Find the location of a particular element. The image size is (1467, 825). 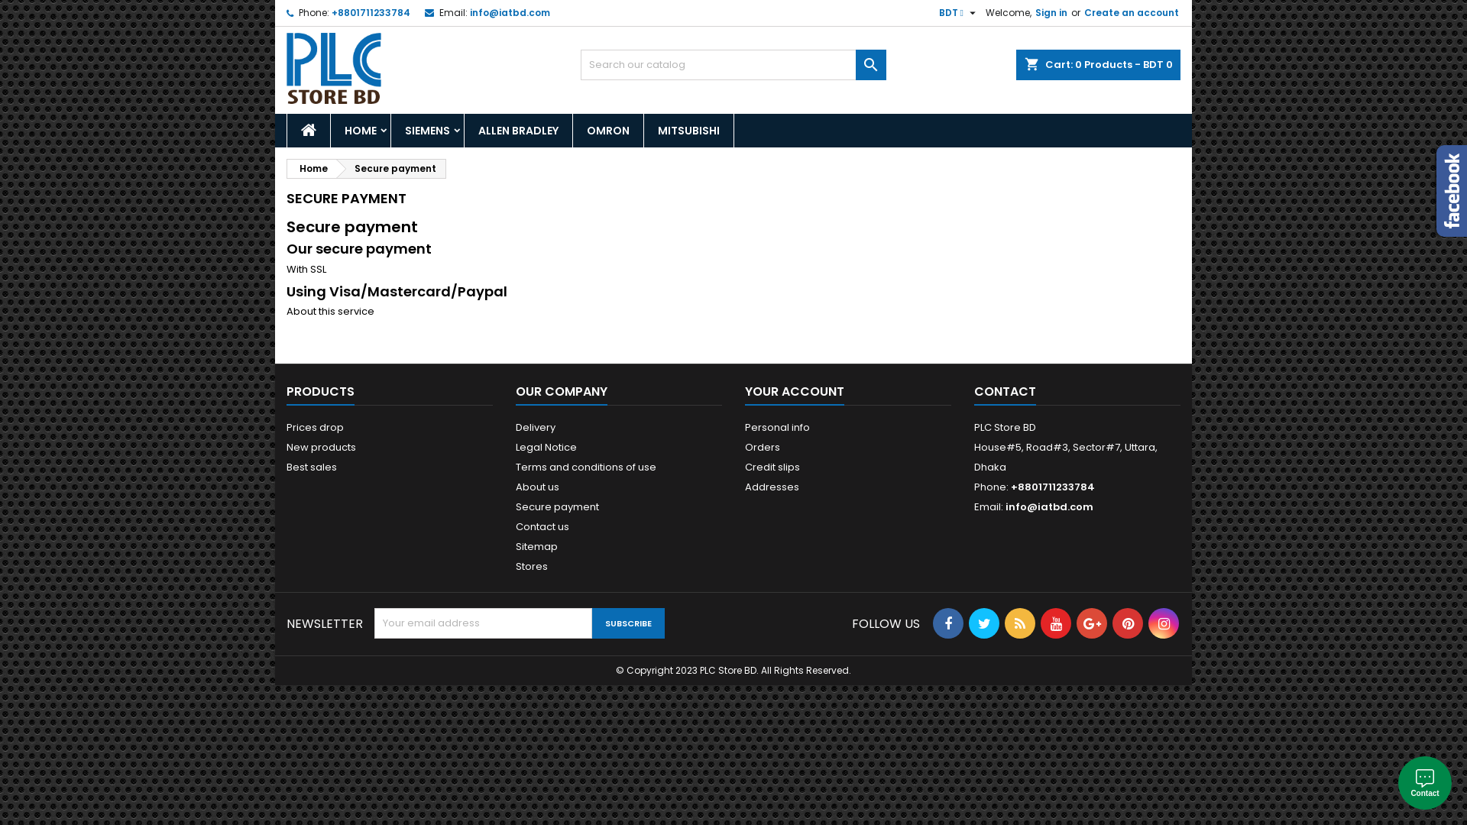

'Prices drop' is located at coordinates (286, 427).